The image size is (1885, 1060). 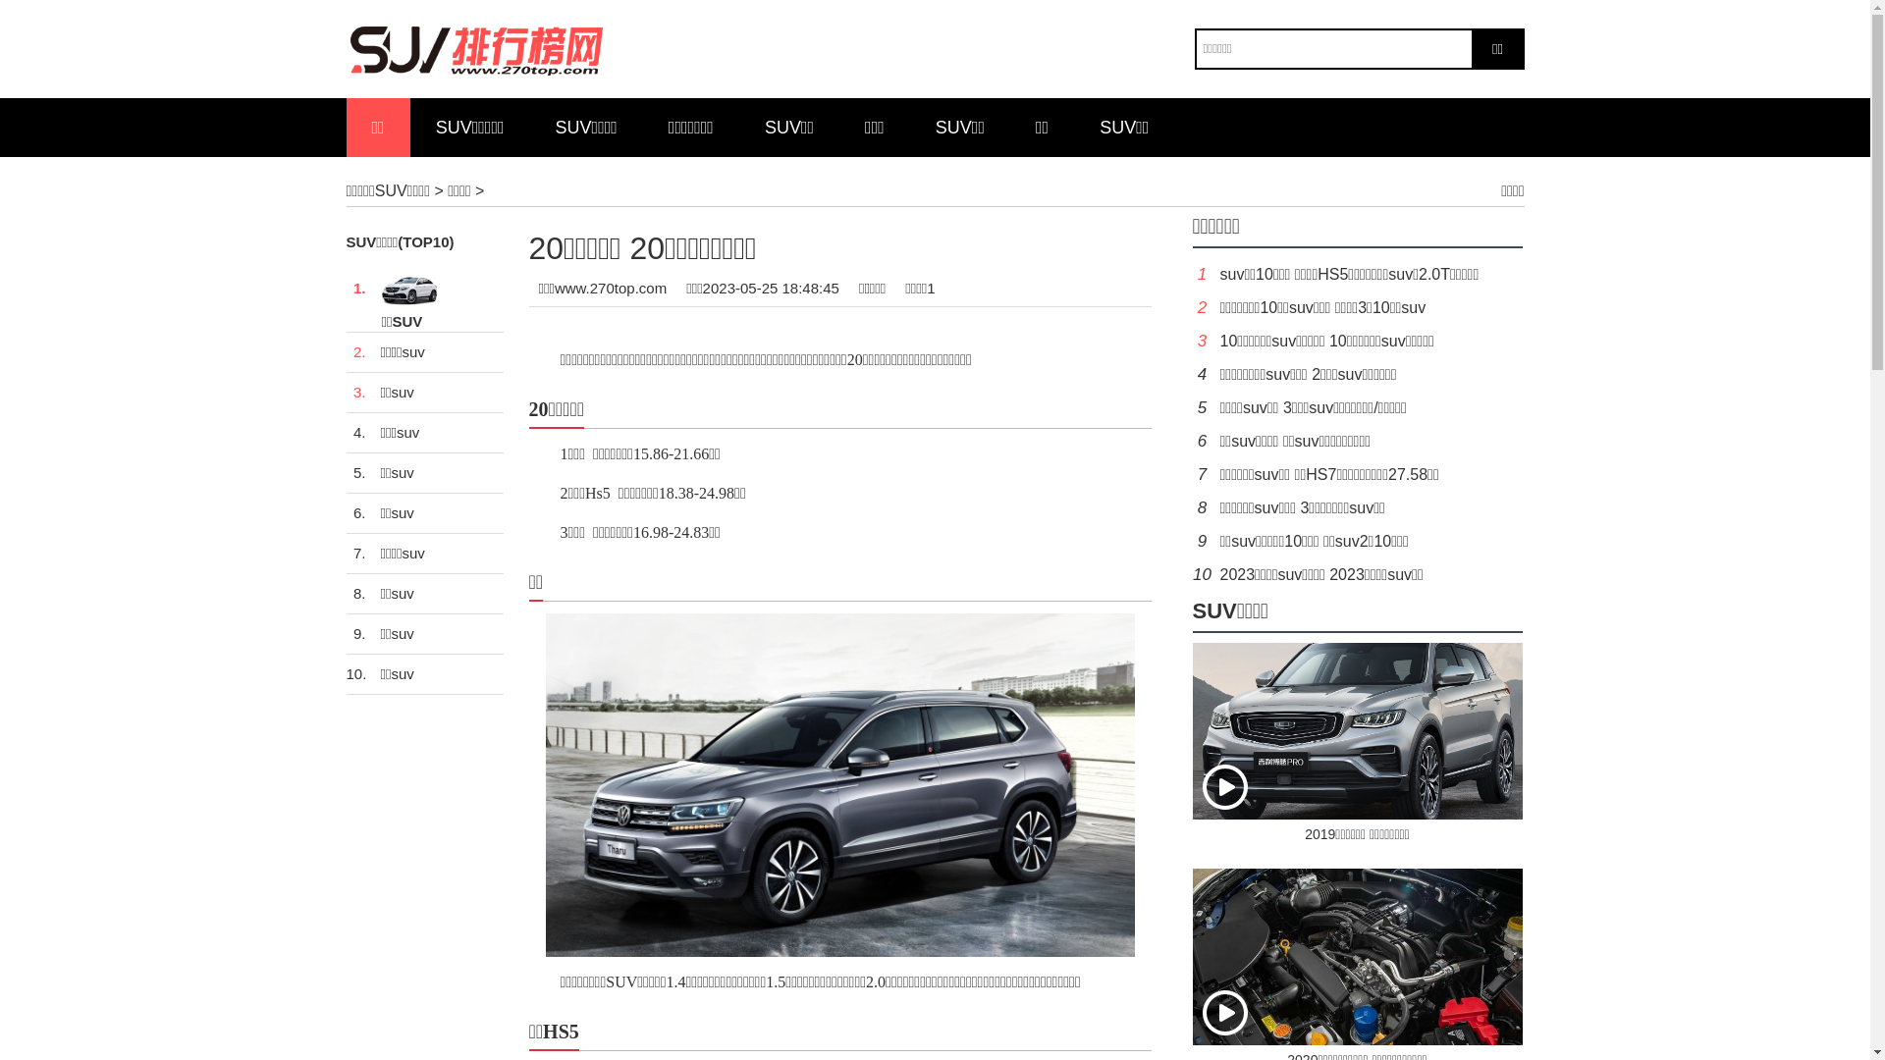 What do you see at coordinates (610, 288) in the screenshot?
I see `'www.270top.com'` at bounding box center [610, 288].